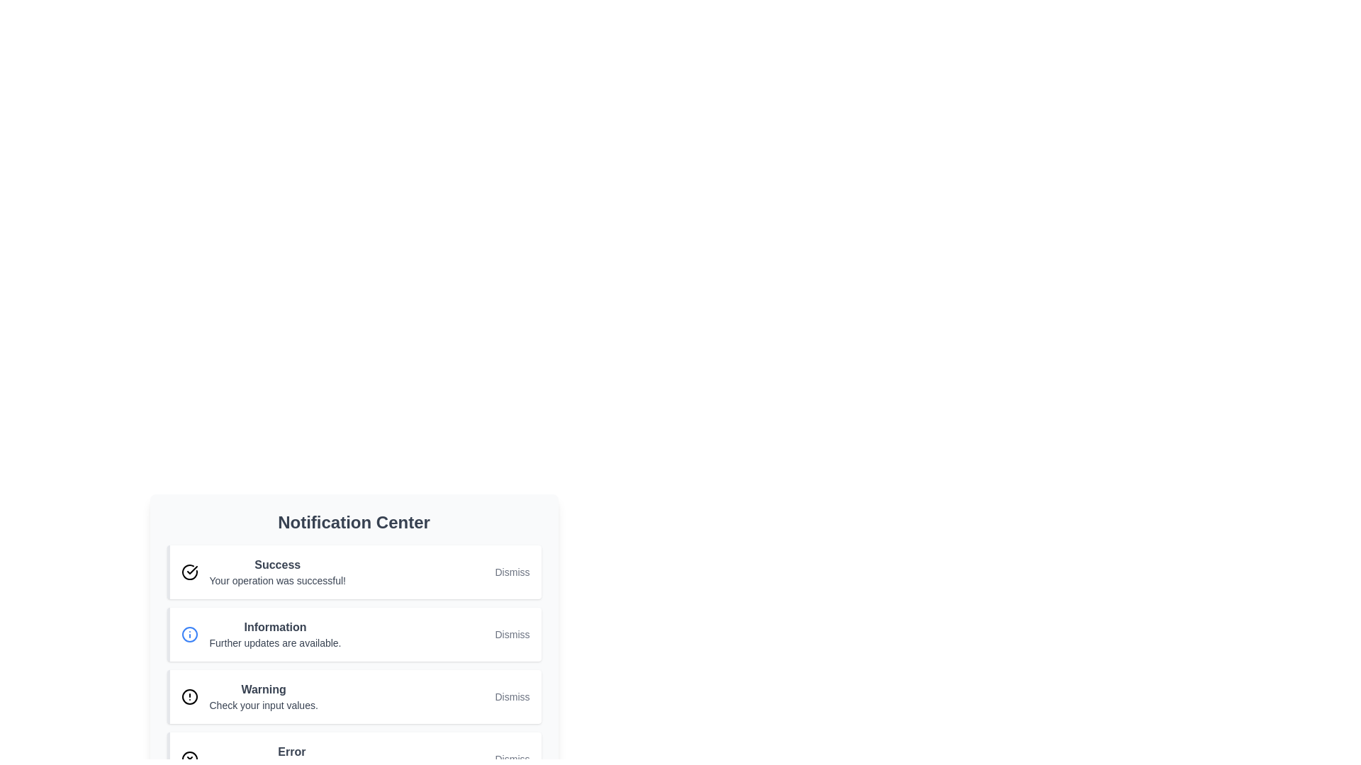 The width and height of the screenshot is (1361, 765). I want to click on bold text label 'Information' located in the notification card under the title 'Information', so click(275, 627).